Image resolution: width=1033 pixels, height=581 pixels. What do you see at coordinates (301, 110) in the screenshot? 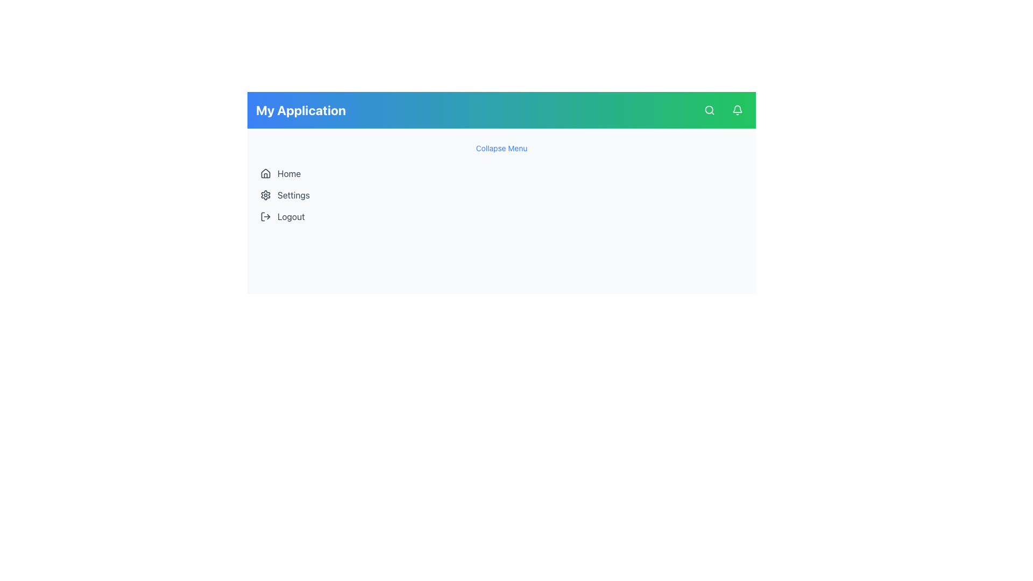
I see `the text label 'My Application', which is styled in bold, white, and large font, located prominently in the left side of the header bar with a gradient background` at bounding box center [301, 110].